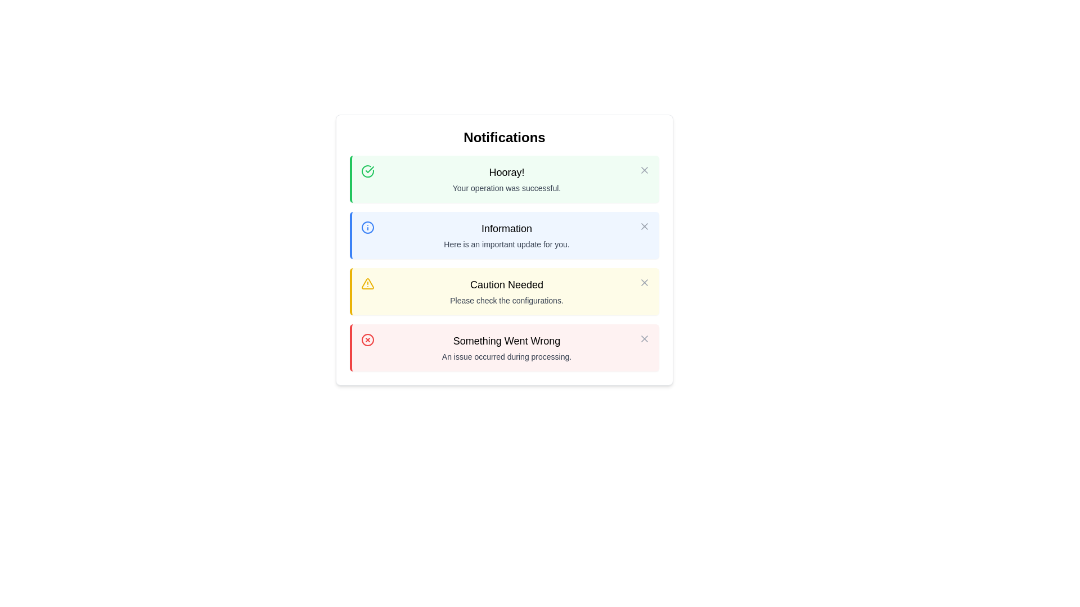 Image resolution: width=1080 pixels, height=607 pixels. Describe the element at coordinates (506, 340) in the screenshot. I see `the text element displaying 'Something Went Wrong' which is part of a notification panel with a red border, indicating an error` at that location.